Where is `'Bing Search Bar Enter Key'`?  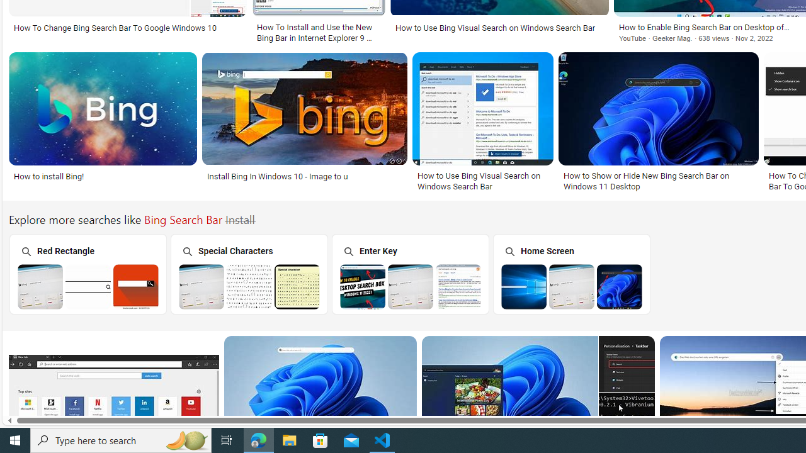 'Bing Search Bar Enter Key' is located at coordinates (411, 286).